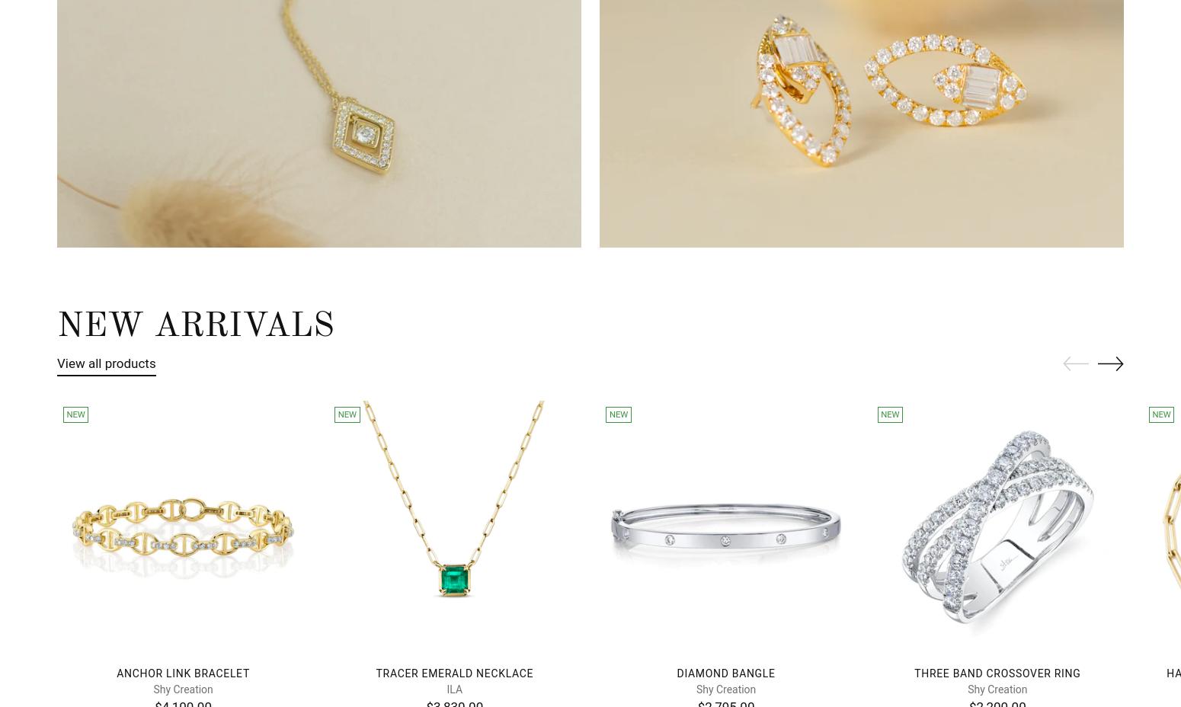  What do you see at coordinates (375, 672) in the screenshot?
I see `'Tracer Emerald Necklace'` at bounding box center [375, 672].